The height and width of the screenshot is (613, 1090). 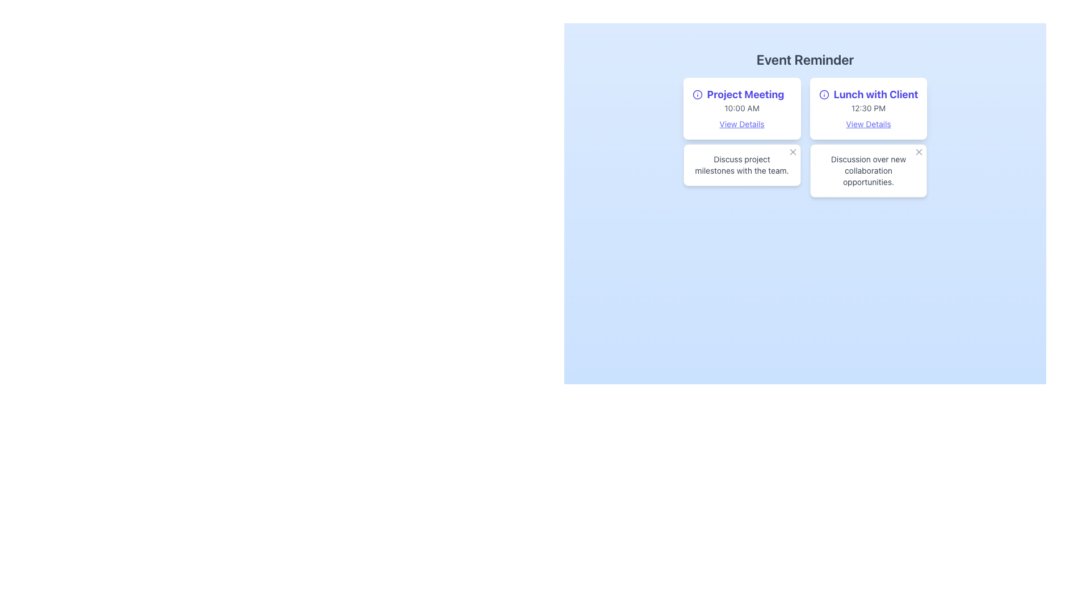 What do you see at coordinates (741, 108) in the screenshot?
I see `the static text indicating the time of the event, which is located directly below the 'Project Meeting' title and above the 'View Details' link in the first event box on the left side` at bounding box center [741, 108].